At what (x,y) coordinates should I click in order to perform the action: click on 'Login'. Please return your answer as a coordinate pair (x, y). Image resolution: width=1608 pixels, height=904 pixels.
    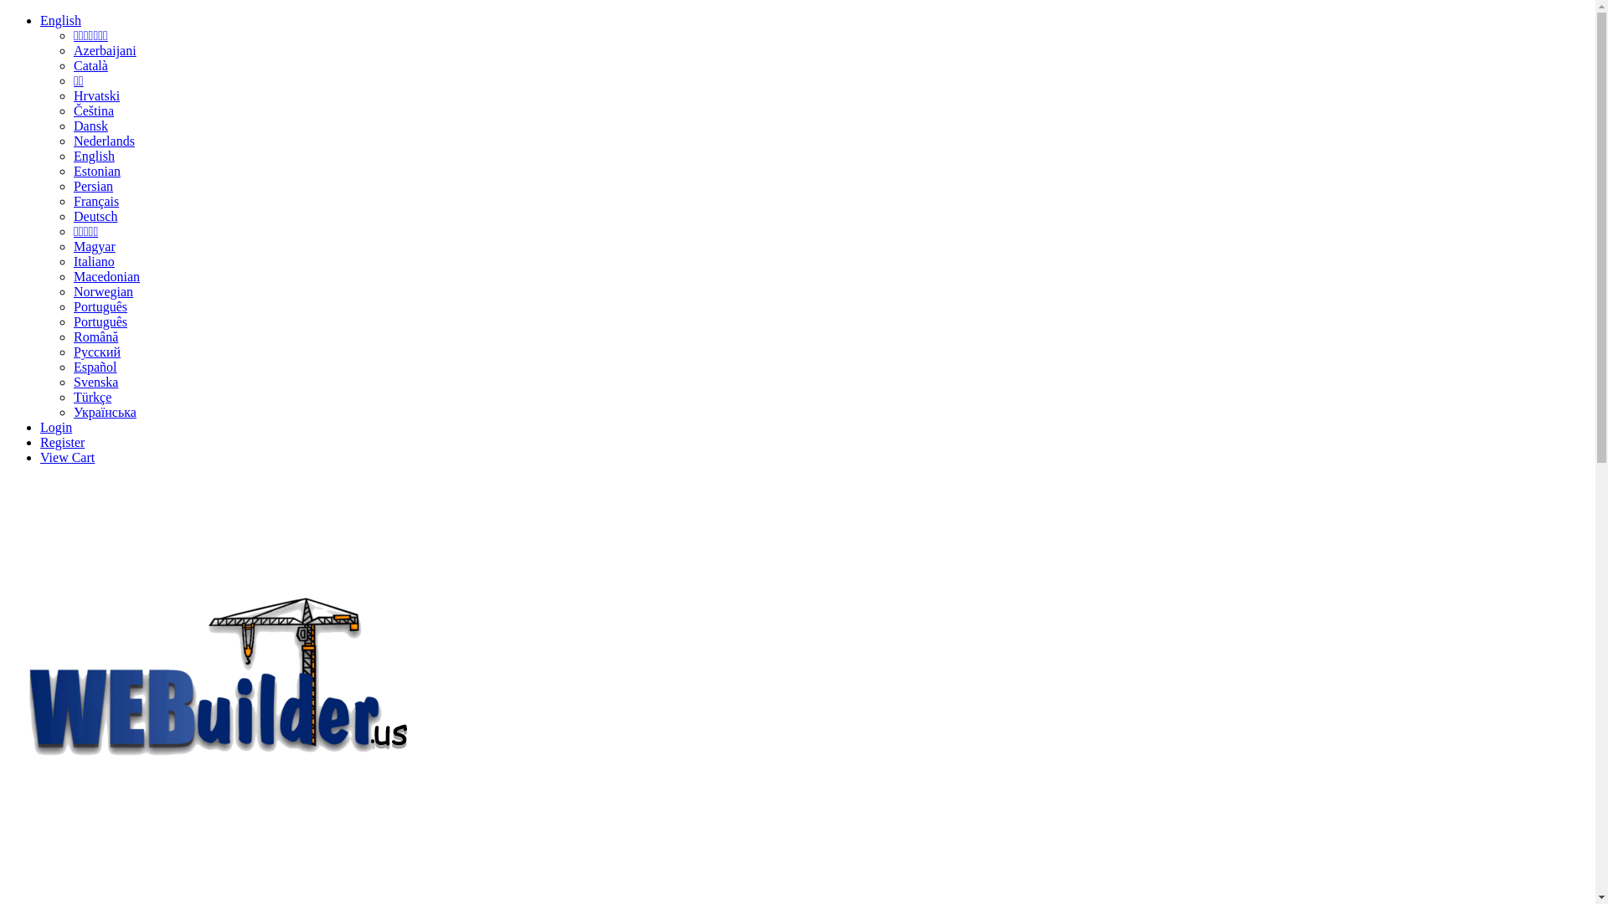
    Looking at the image, I should click on (56, 426).